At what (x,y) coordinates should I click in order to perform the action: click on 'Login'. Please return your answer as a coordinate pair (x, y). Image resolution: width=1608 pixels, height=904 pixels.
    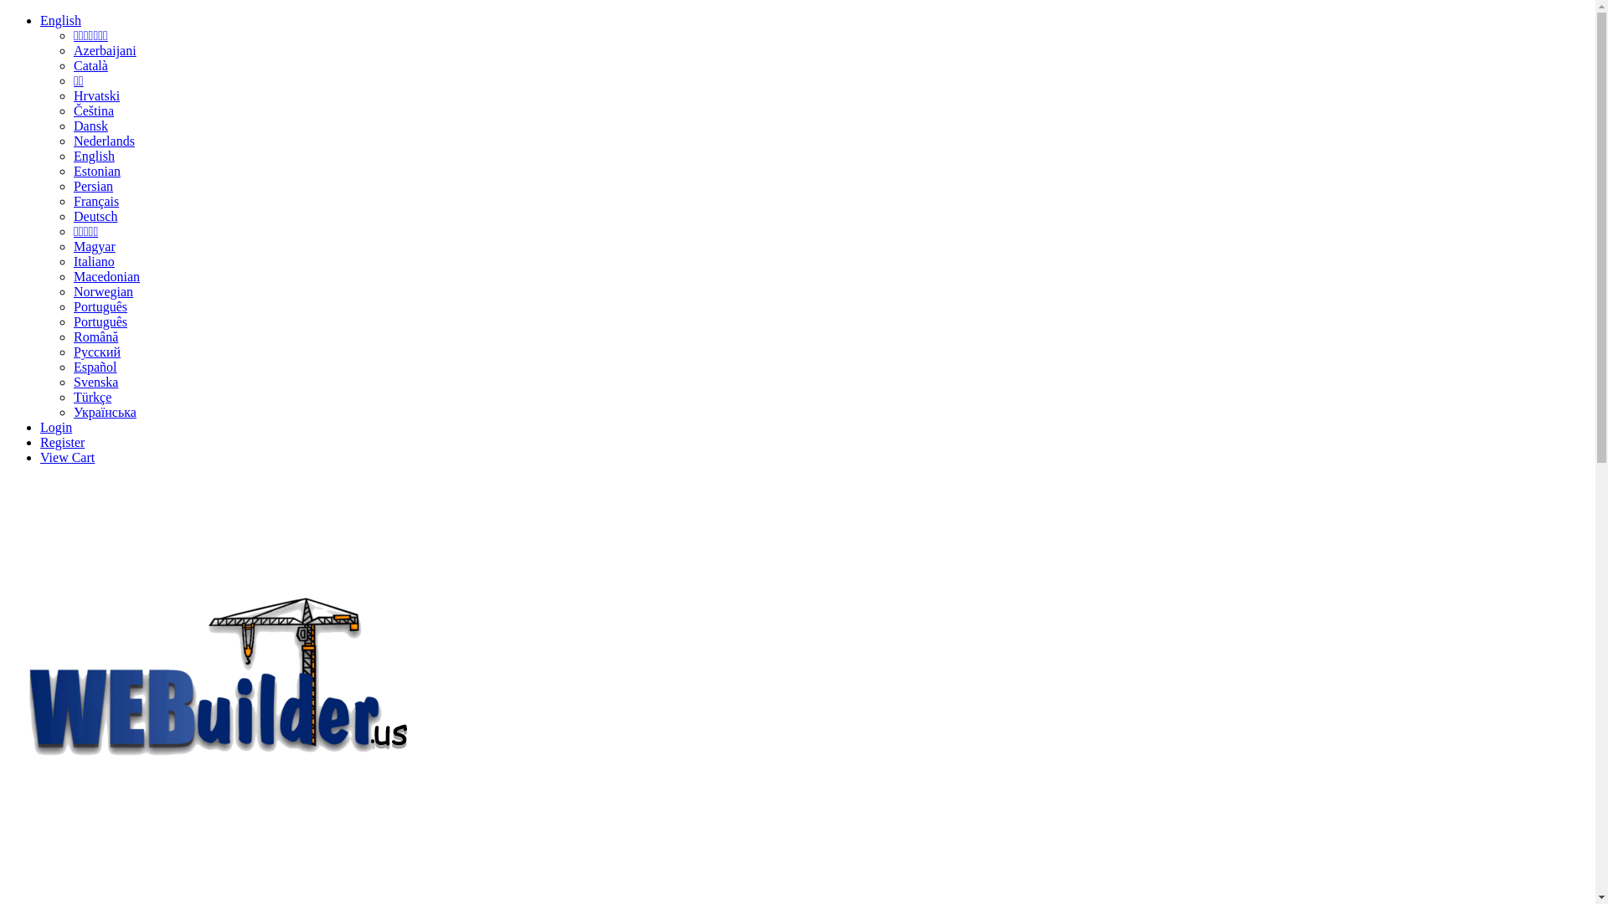
    Looking at the image, I should click on (56, 426).